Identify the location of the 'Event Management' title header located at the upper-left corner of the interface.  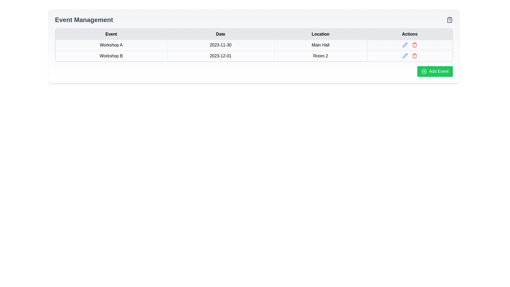
(84, 19).